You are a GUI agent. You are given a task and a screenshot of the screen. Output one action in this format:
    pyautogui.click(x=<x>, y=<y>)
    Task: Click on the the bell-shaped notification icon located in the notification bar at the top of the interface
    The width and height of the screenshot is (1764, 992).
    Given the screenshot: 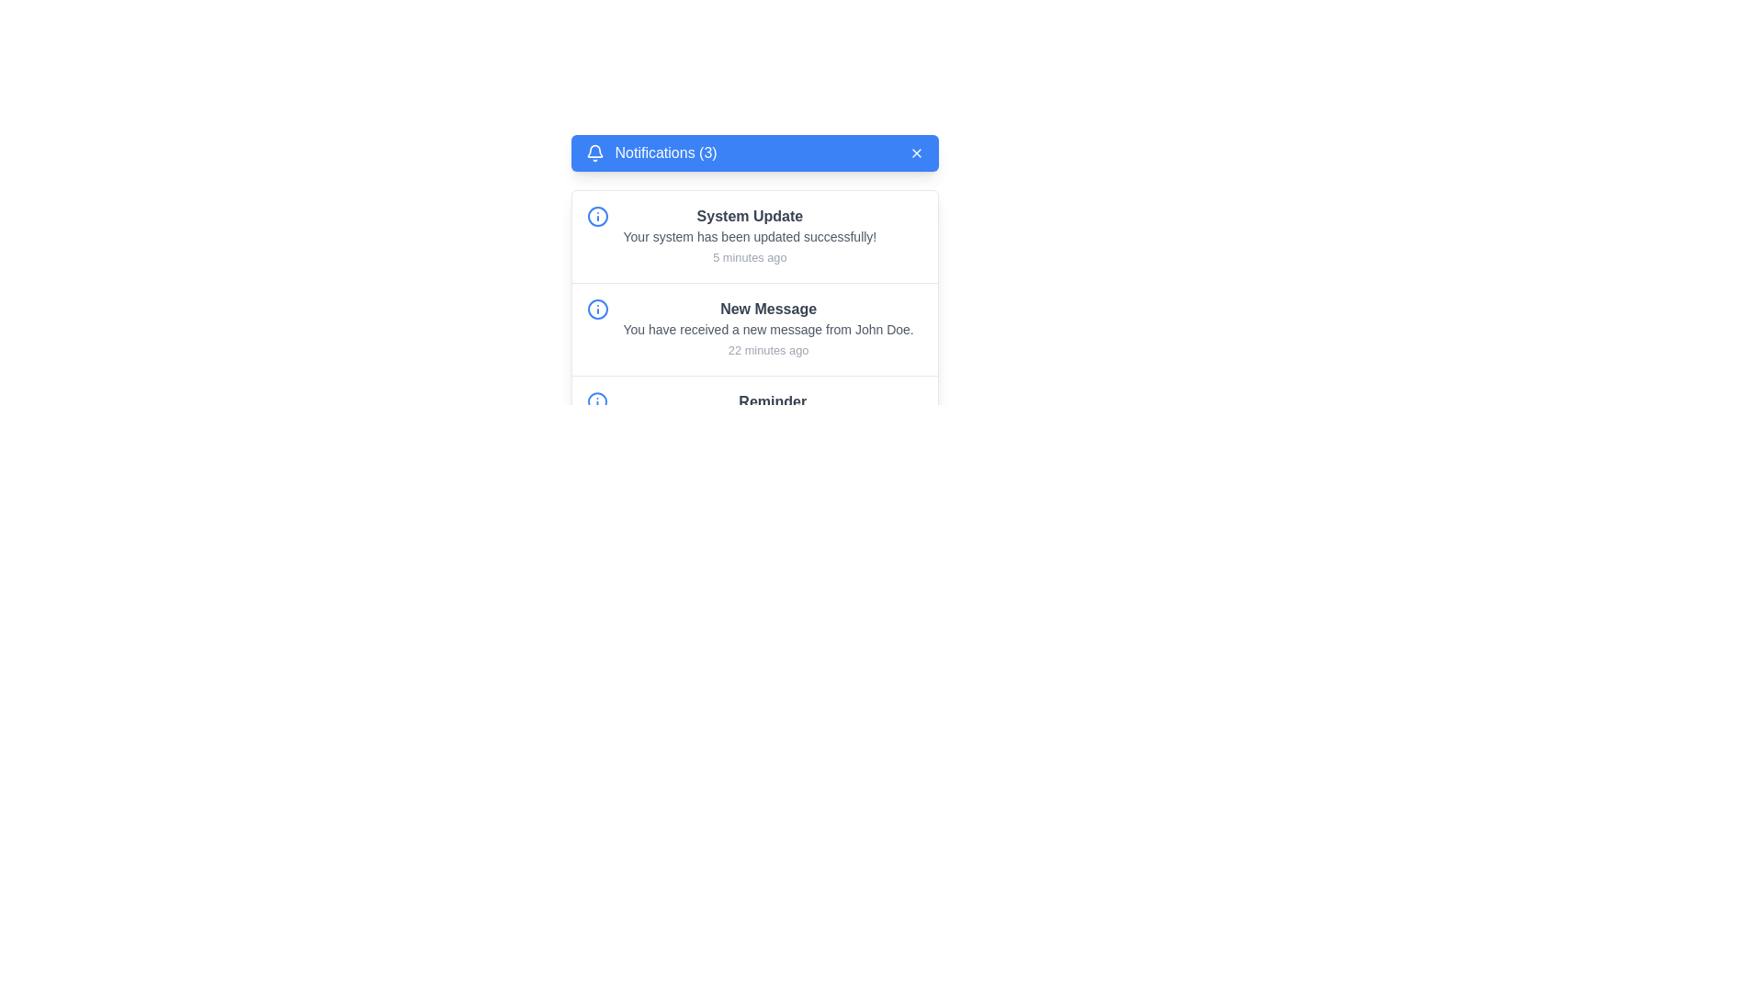 What is the action you would take?
    pyautogui.click(x=594, y=150)
    